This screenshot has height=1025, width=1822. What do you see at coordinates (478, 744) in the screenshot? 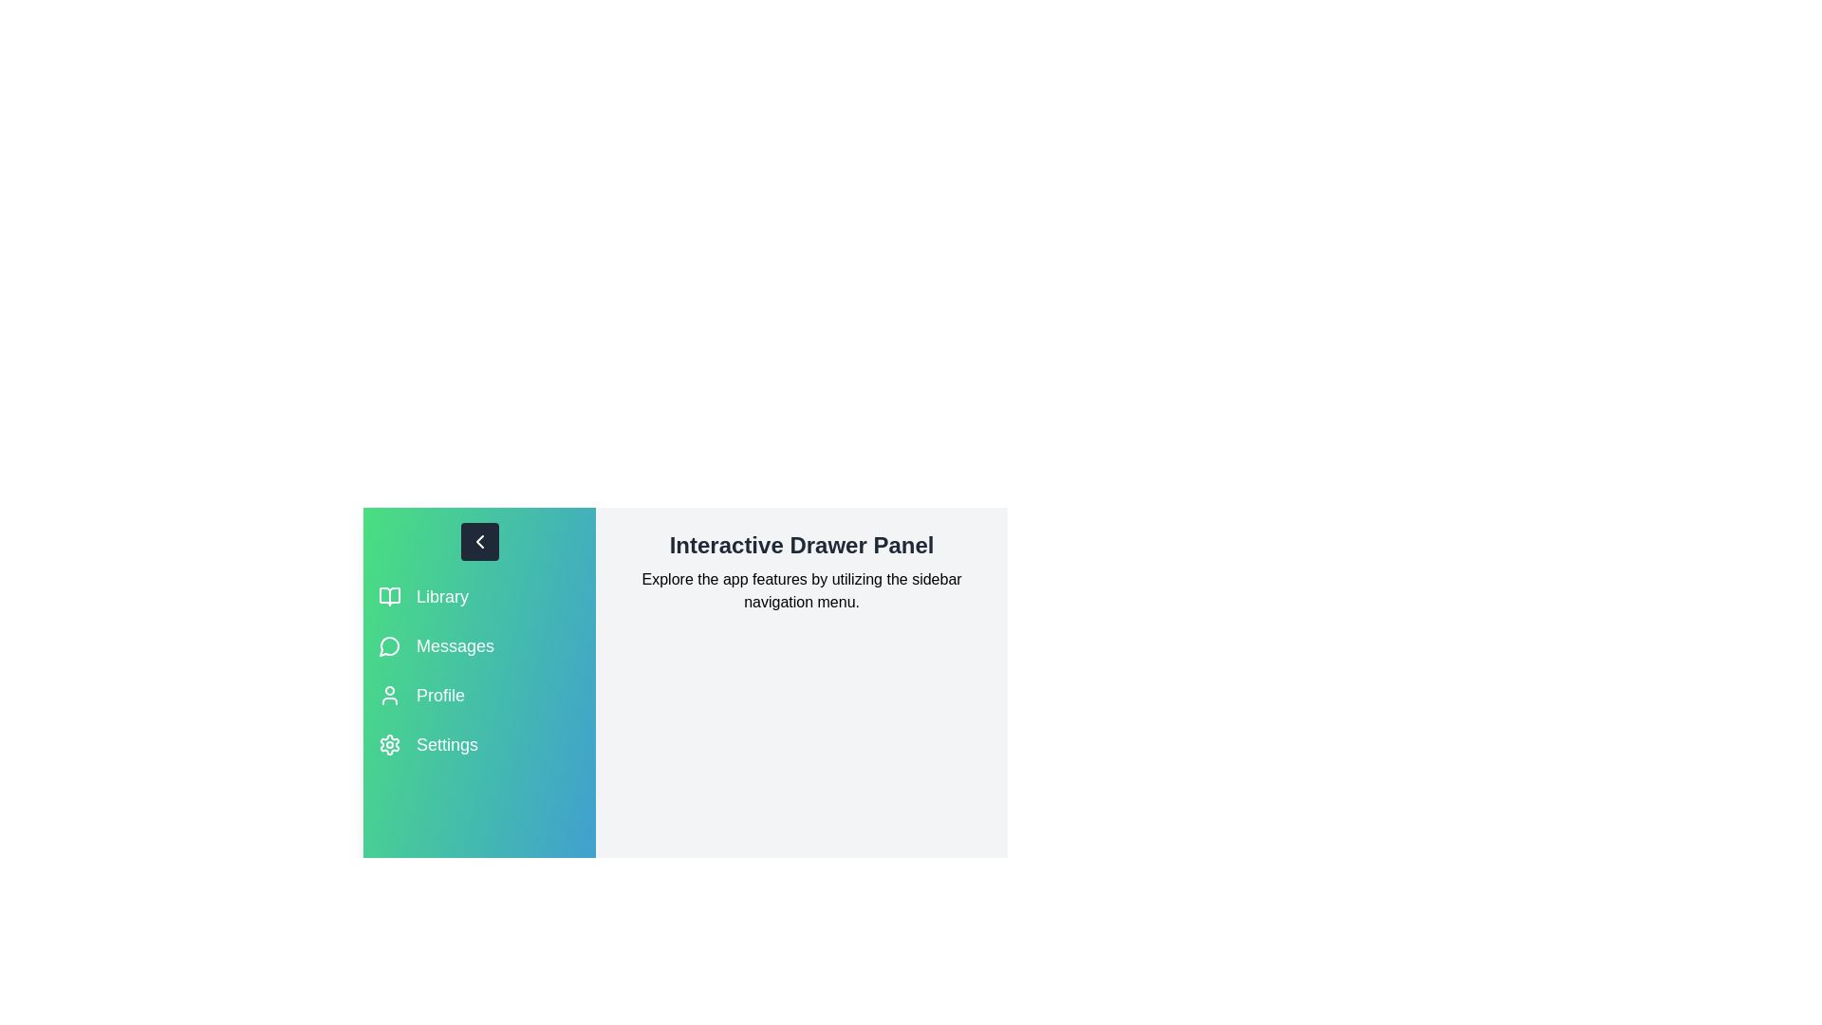
I see `the Settings section in the sidebar` at bounding box center [478, 744].